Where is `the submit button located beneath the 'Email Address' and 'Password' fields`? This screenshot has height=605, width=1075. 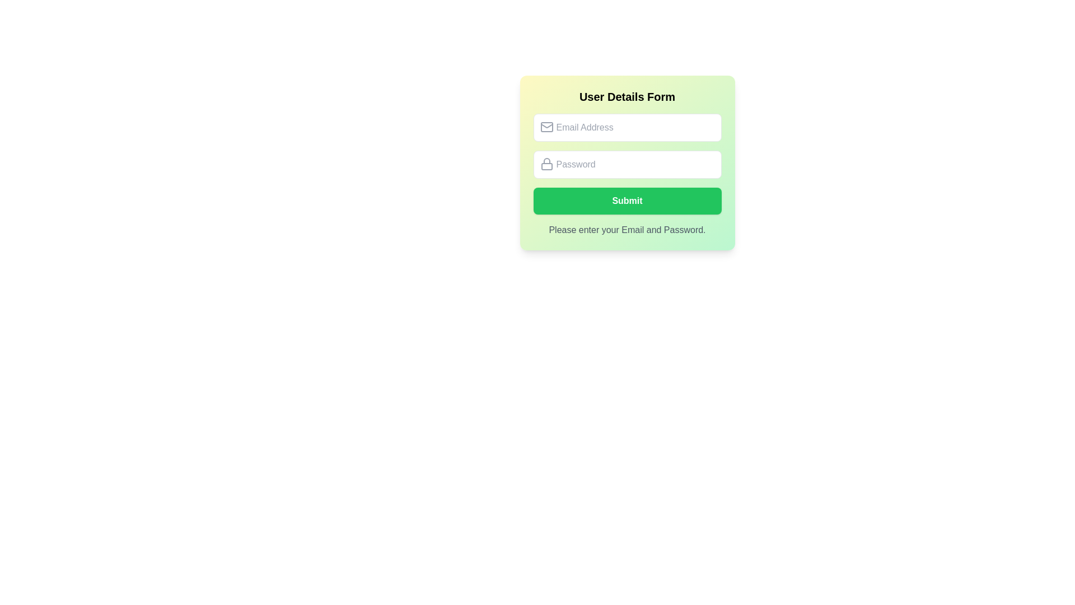
the submit button located beneath the 'Email Address' and 'Password' fields is located at coordinates (627, 200).